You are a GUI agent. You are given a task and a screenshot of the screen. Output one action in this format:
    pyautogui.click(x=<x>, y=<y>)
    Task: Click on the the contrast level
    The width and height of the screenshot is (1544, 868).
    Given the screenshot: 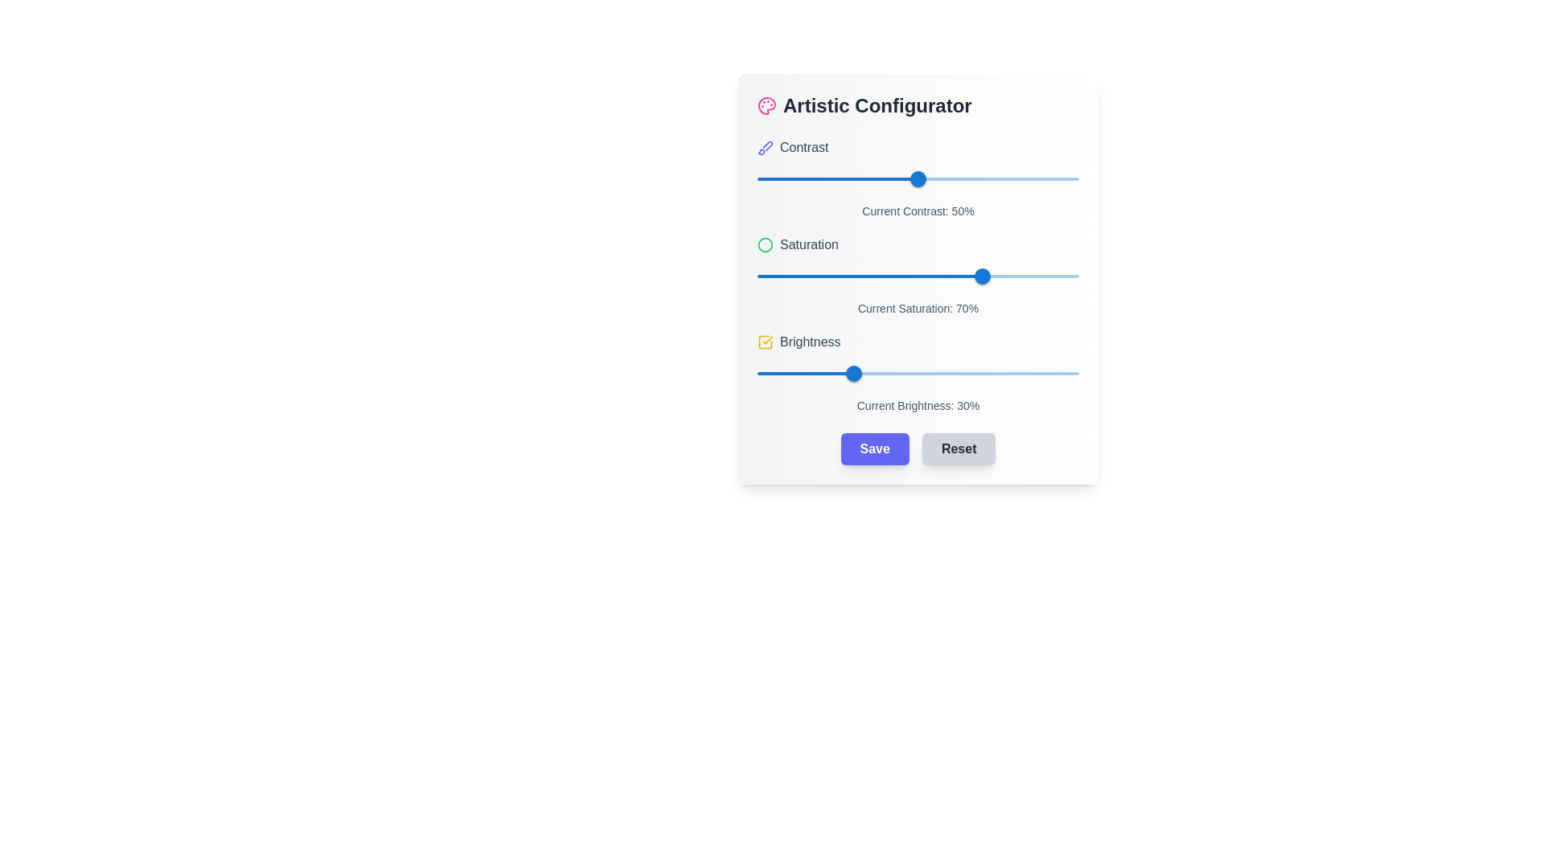 What is the action you would take?
    pyautogui.click(x=875, y=179)
    